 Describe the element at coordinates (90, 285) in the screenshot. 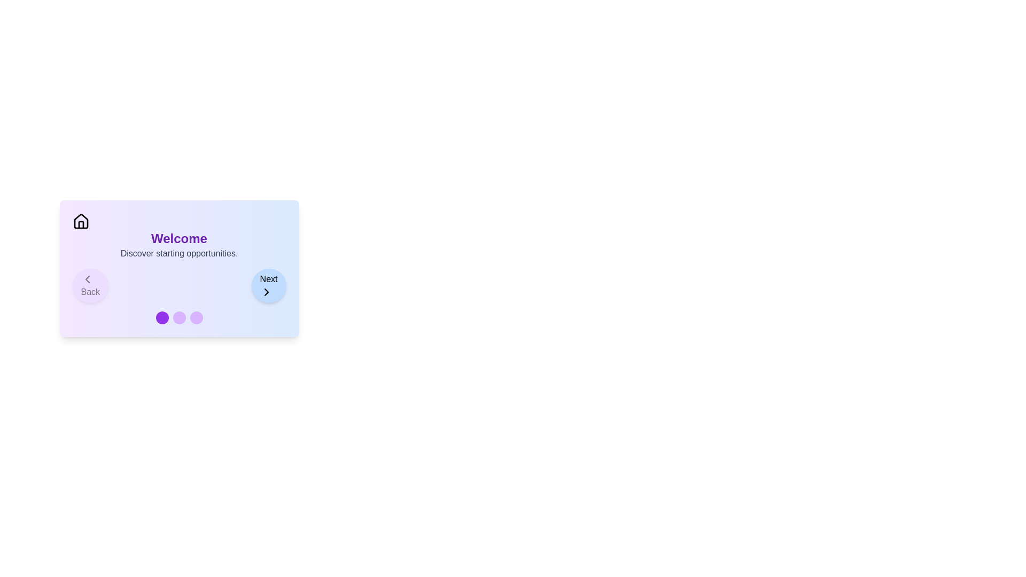

I see `the 'Back' button to navigate to the previous step` at that location.